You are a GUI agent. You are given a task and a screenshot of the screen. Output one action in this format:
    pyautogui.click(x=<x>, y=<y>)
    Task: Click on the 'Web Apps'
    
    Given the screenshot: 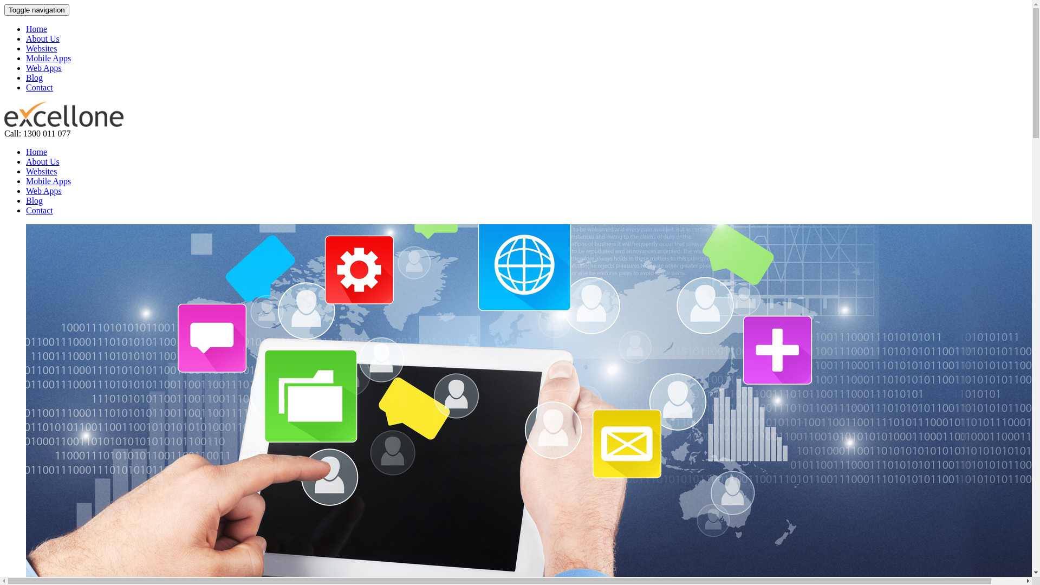 What is the action you would take?
    pyautogui.click(x=26, y=190)
    